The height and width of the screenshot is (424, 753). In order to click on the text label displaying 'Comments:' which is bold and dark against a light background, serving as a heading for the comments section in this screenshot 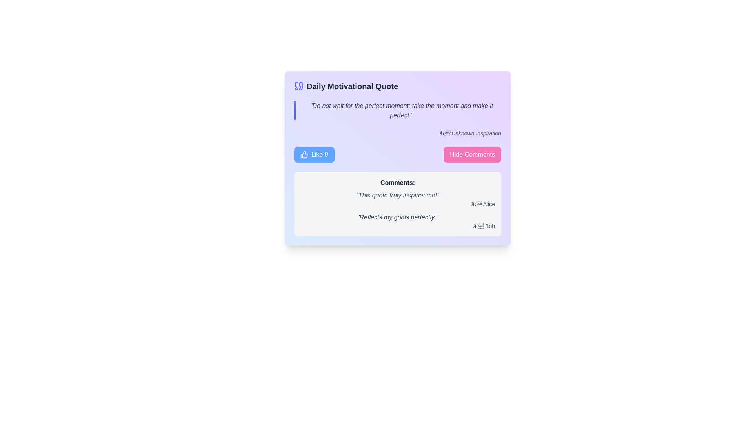, I will do `click(397, 183)`.